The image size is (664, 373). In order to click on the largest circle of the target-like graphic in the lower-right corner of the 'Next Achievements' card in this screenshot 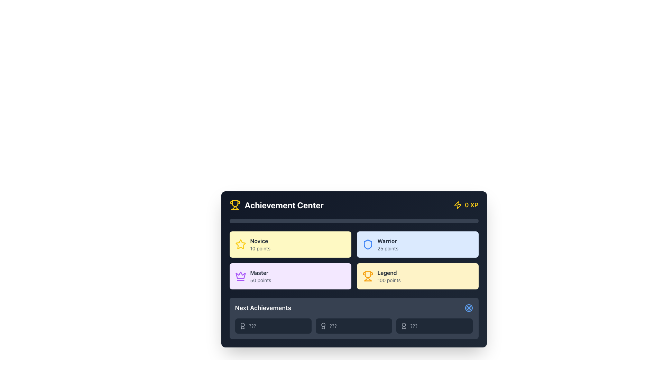, I will do `click(469, 307)`.